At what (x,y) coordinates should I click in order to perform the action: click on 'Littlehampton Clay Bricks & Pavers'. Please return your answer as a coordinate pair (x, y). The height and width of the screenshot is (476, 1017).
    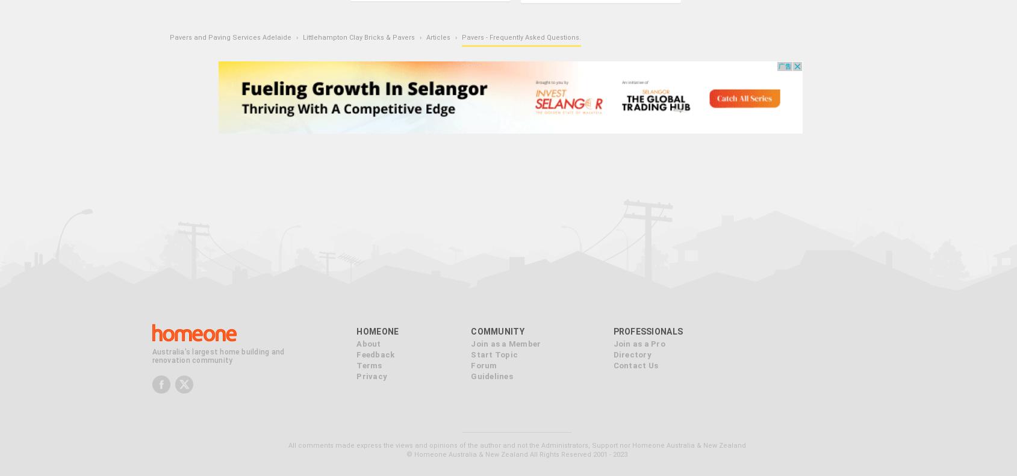
    Looking at the image, I should click on (358, 37).